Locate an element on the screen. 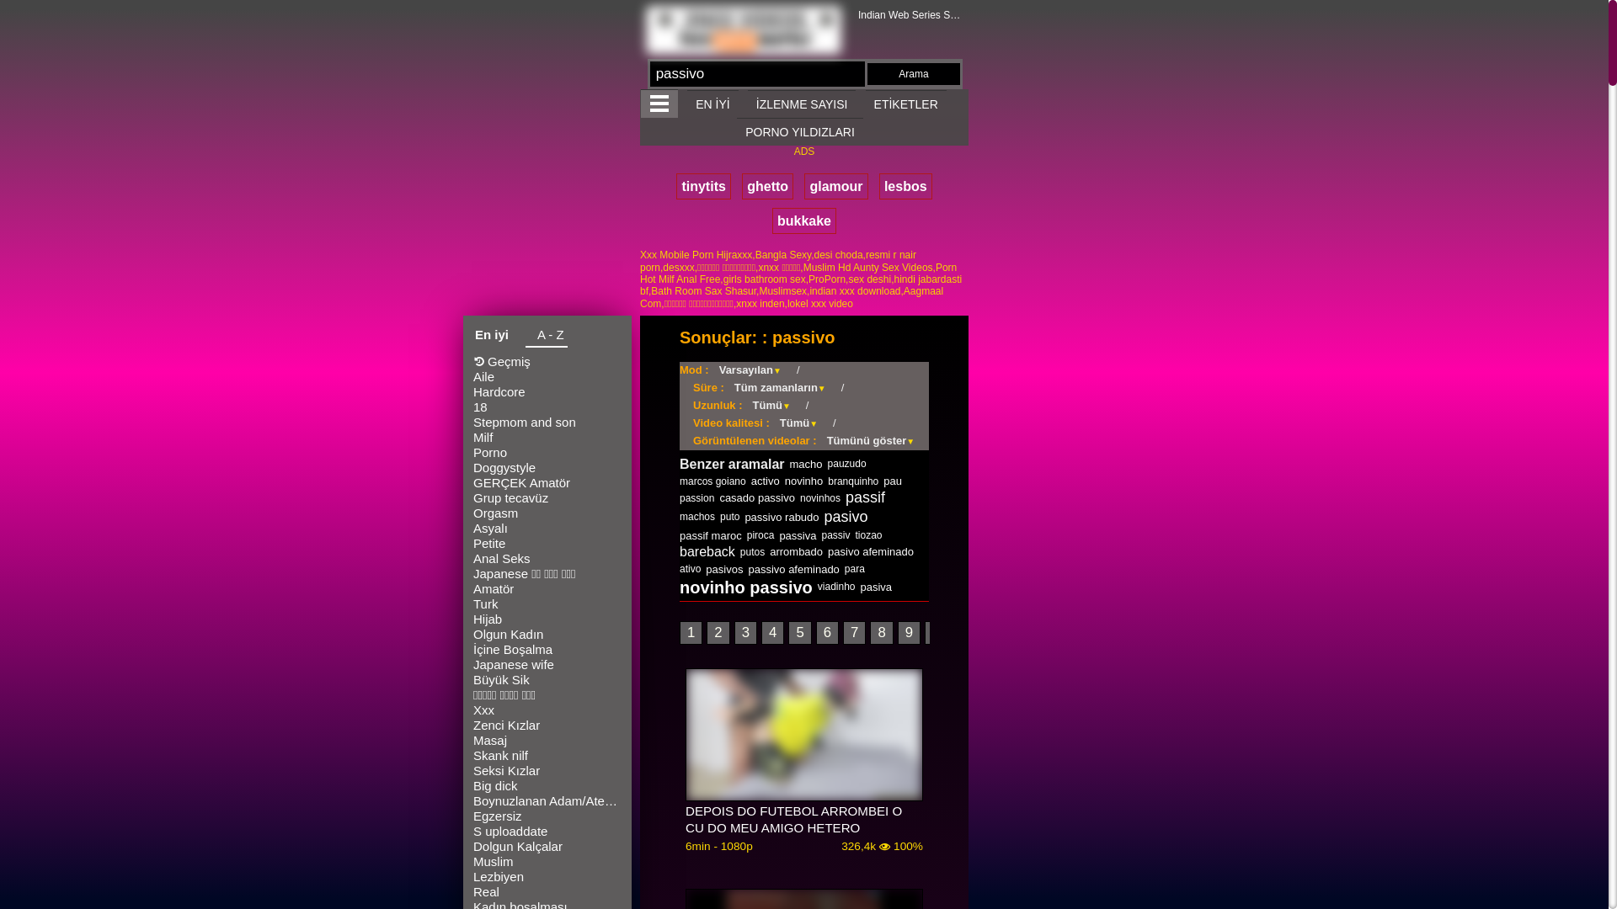 This screenshot has width=1617, height=909. 'ativo' is located at coordinates (690, 568).